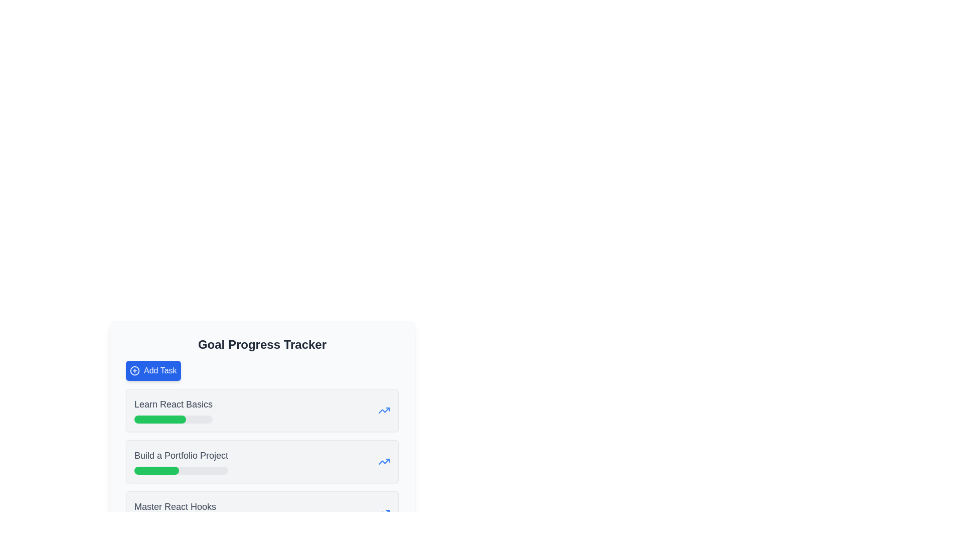 The image size is (963, 542). What do you see at coordinates (262, 462) in the screenshot?
I see `the Content Block titled 'Build a Portfolio Project' to assess progress from the progress bar` at bounding box center [262, 462].